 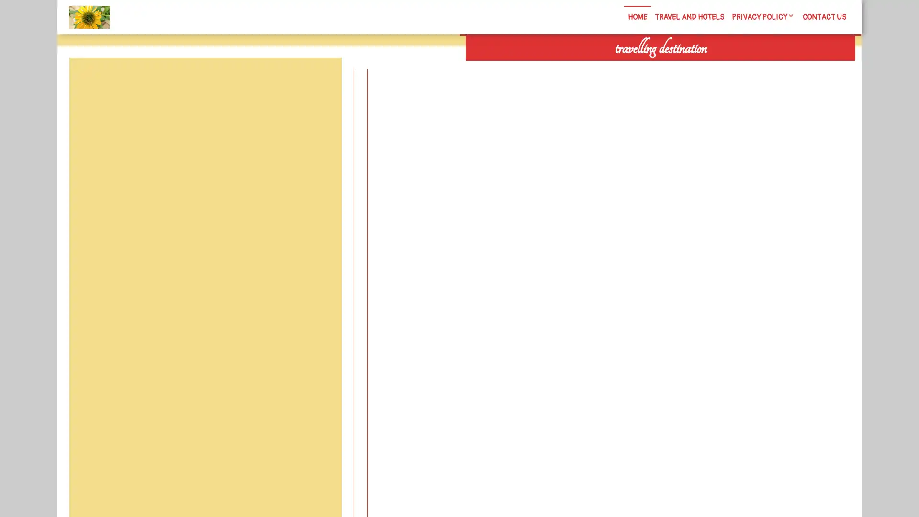 I want to click on Search, so click(x=745, y=67).